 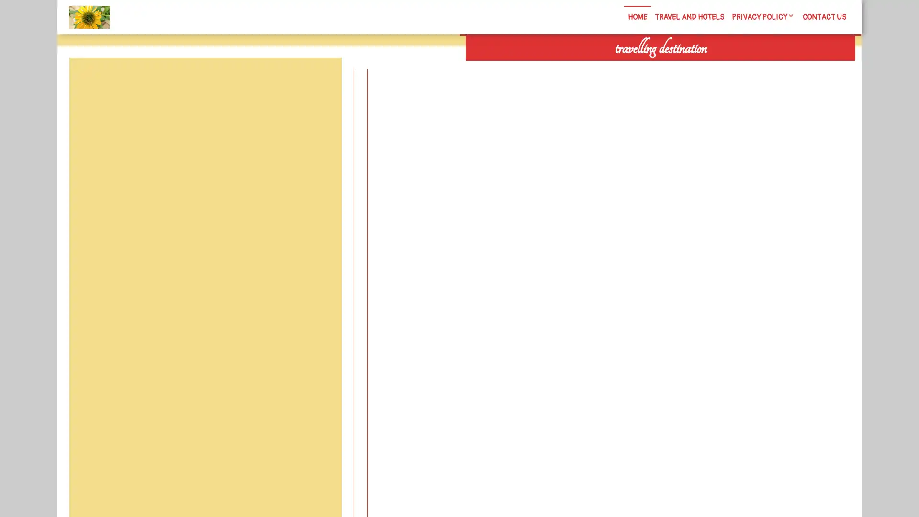 I want to click on Search, so click(x=745, y=67).